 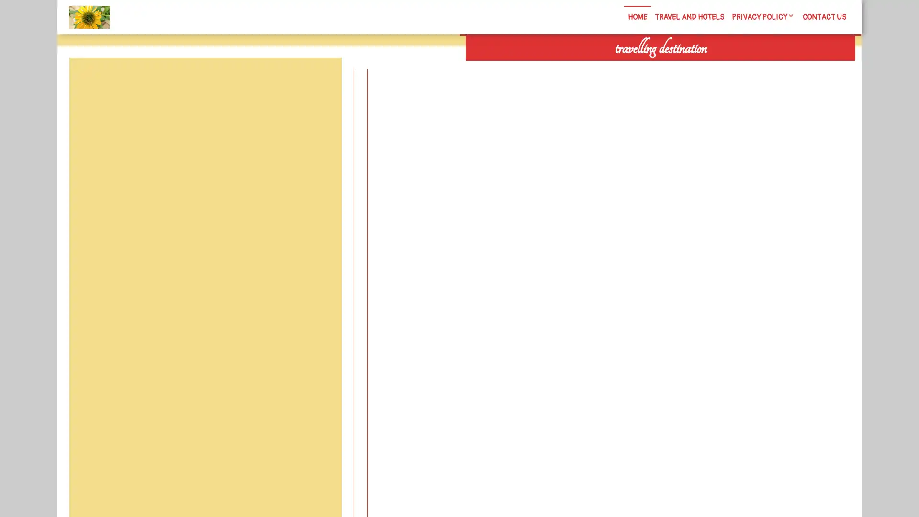 I want to click on Search, so click(x=745, y=67).